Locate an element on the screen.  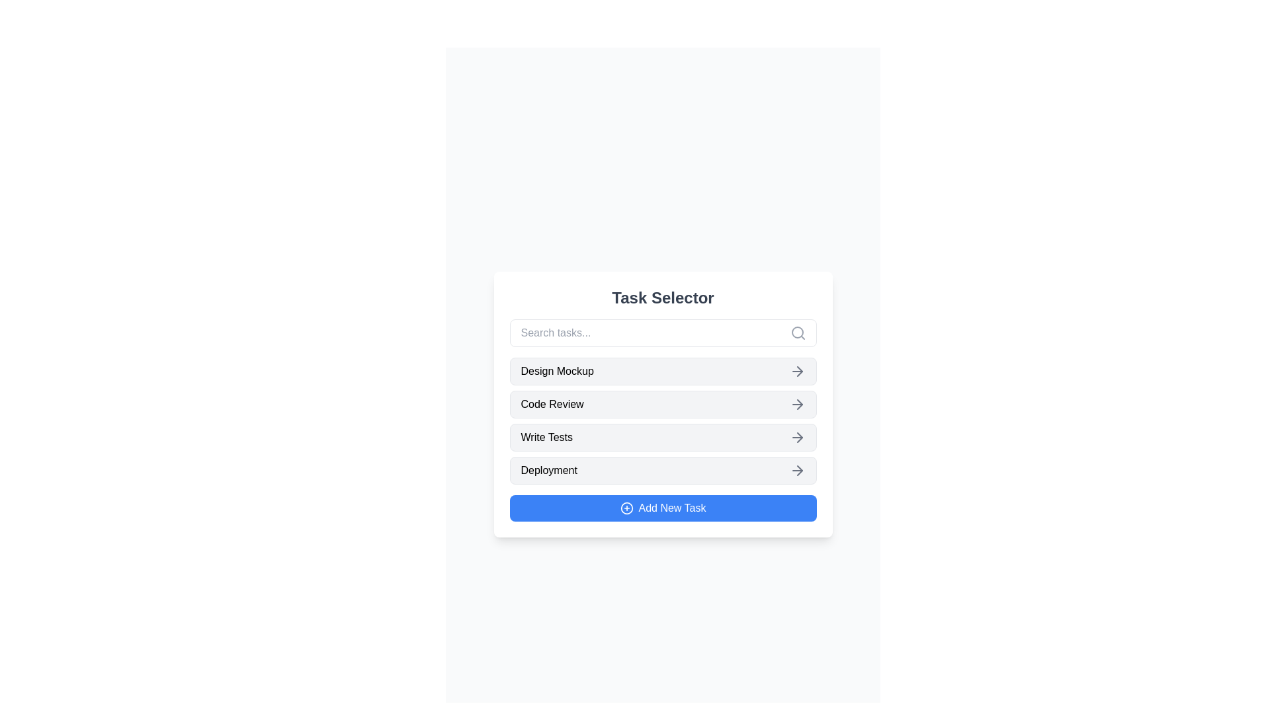
the 'Code Review' button by navigating with the keyboard is located at coordinates (663, 404).